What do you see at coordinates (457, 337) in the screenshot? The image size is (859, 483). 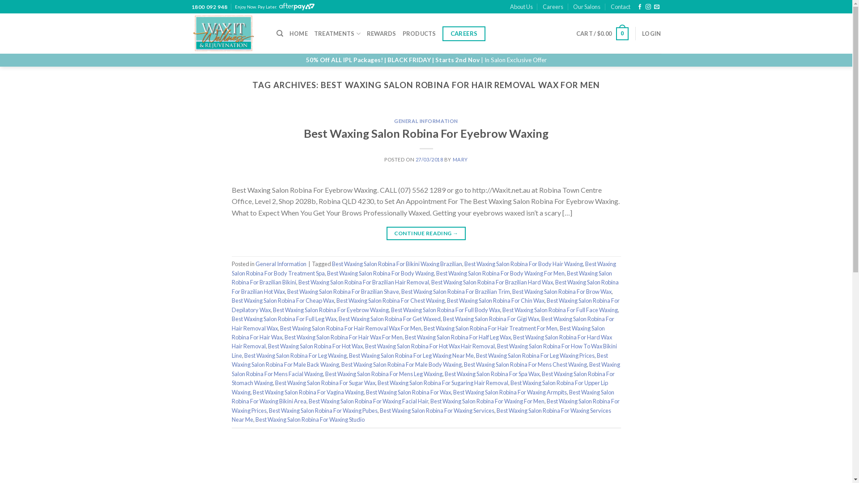 I see `'Best Waxing Salon Robina For Half Leg Wax'` at bounding box center [457, 337].